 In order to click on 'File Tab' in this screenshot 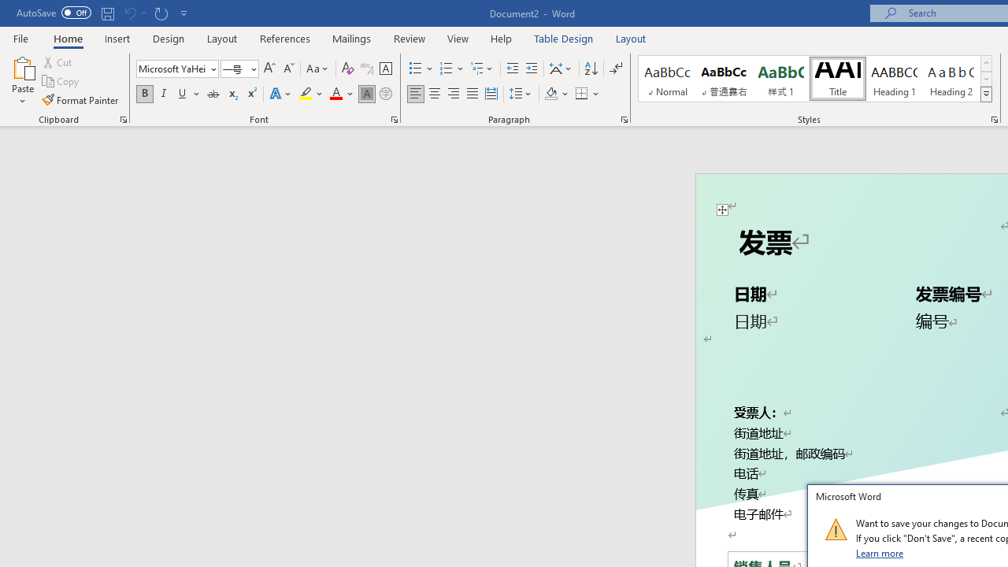, I will do `click(20, 37)`.